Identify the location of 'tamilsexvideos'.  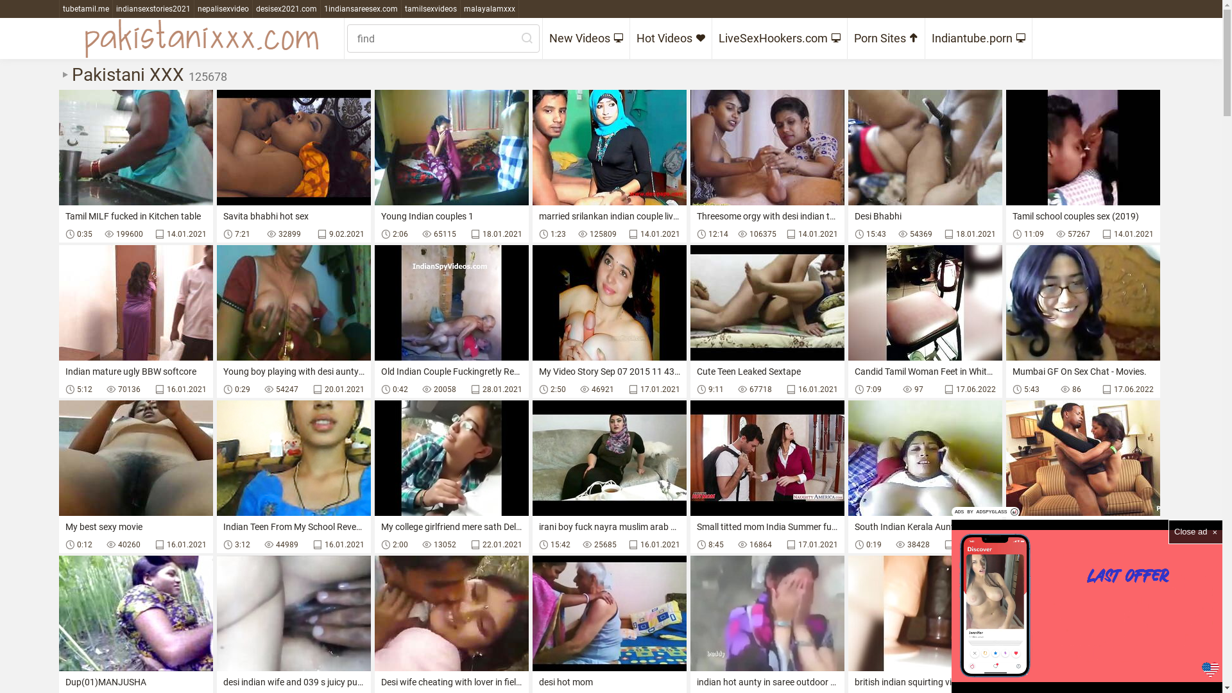
(431, 9).